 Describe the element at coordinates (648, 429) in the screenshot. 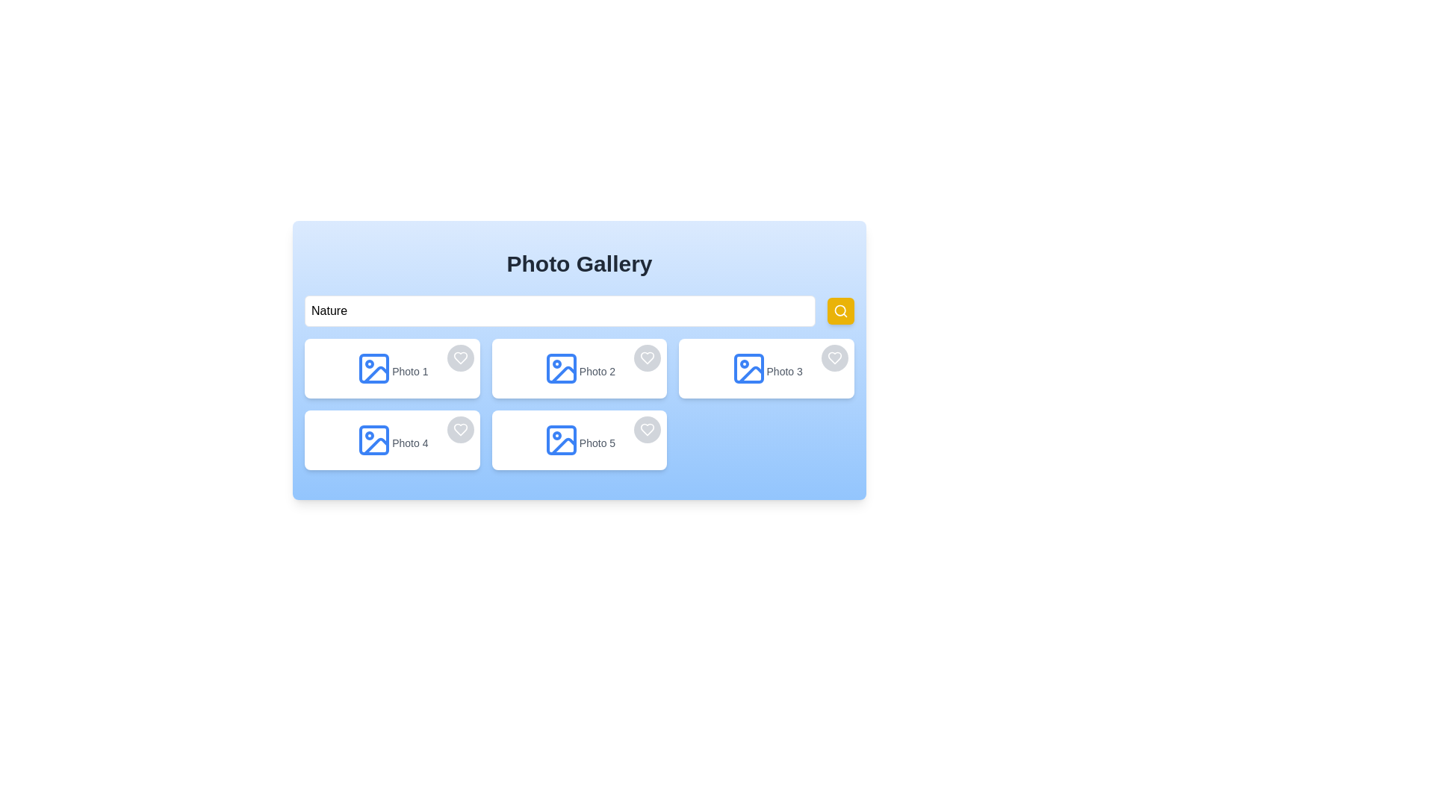

I see `the heart-shaped icon located at the bottom right corner of the image tile labeled 'Photo 5' to favorite the photo` at that location.